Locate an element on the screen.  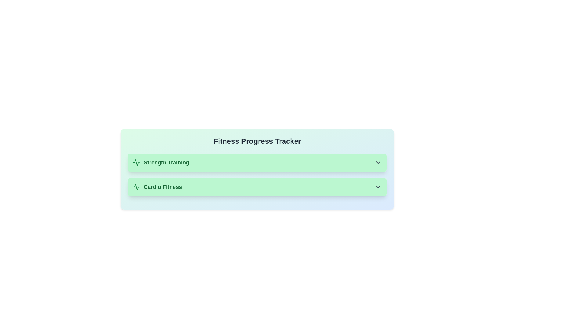
the downward-pointing chevron icon on the far-right side of the 'Strength Training' section is located at coordinates (378, 162).